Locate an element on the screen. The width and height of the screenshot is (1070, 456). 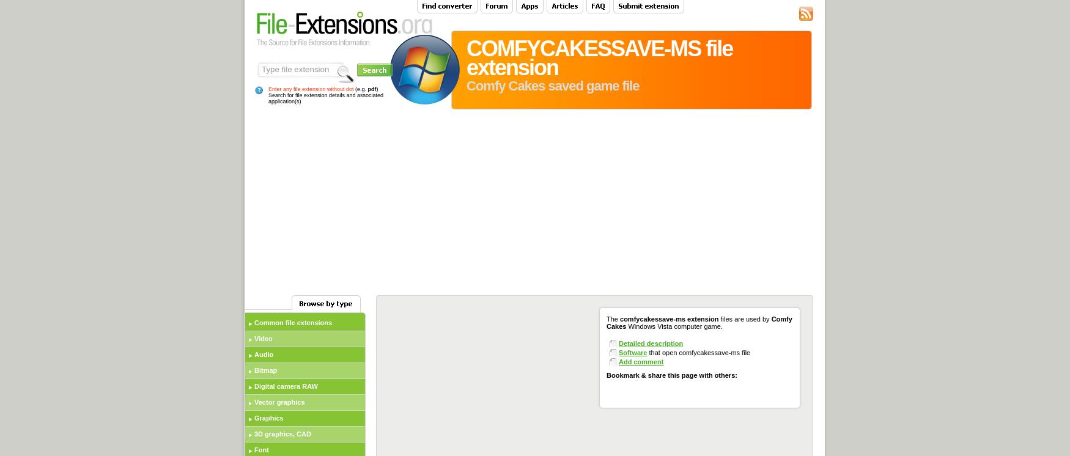
'Bookmark & share this page with others:' is located at coordinates (671, 375).